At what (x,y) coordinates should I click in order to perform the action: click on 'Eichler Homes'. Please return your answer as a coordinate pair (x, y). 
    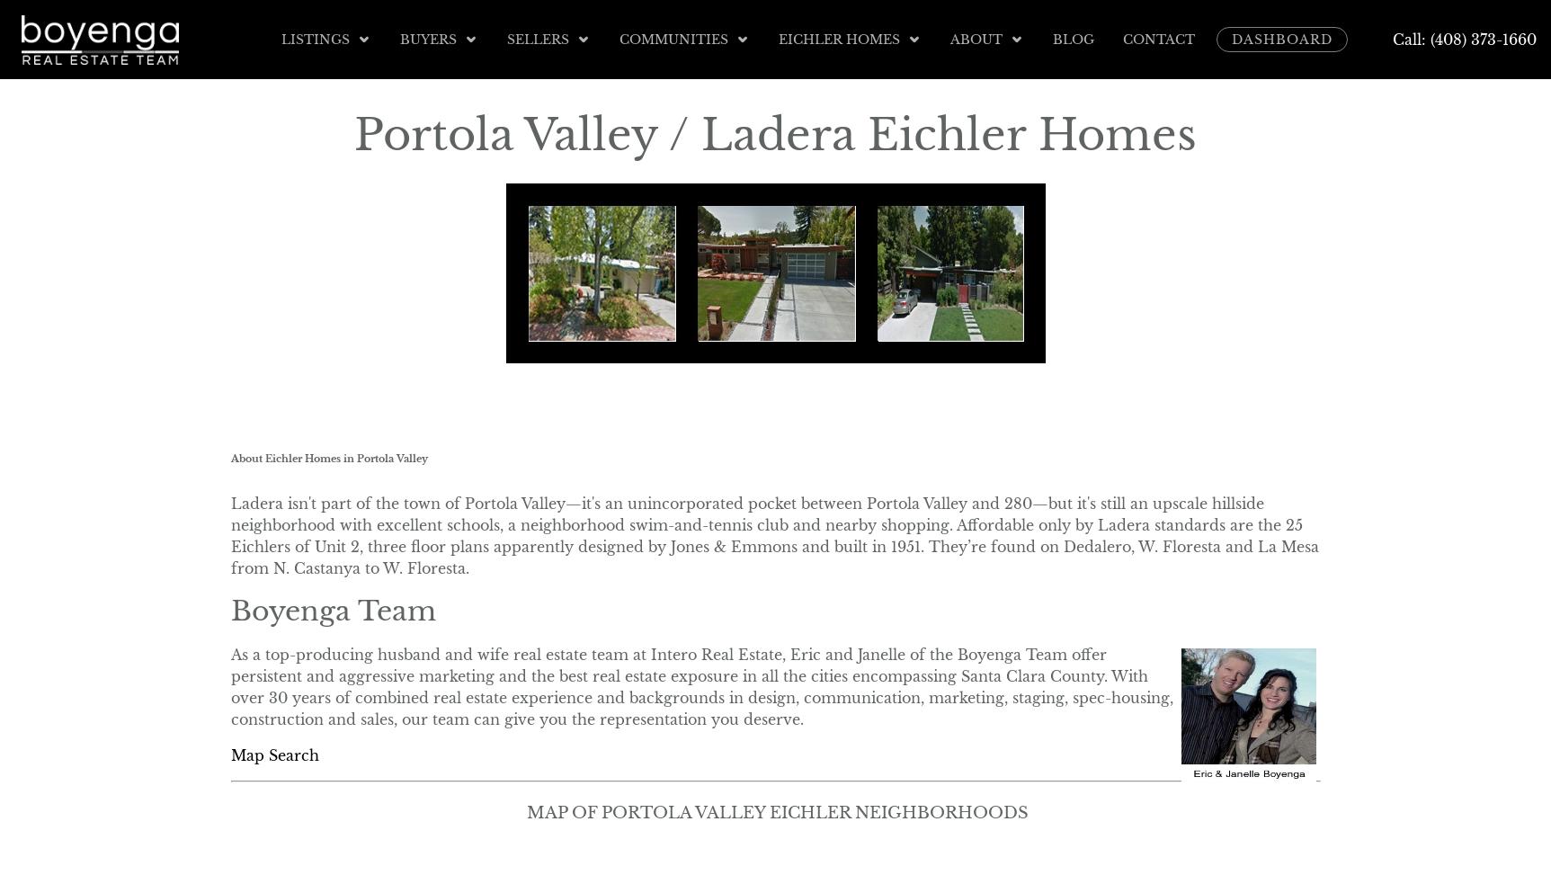
    Looking at the image, I should click on (838, 39).